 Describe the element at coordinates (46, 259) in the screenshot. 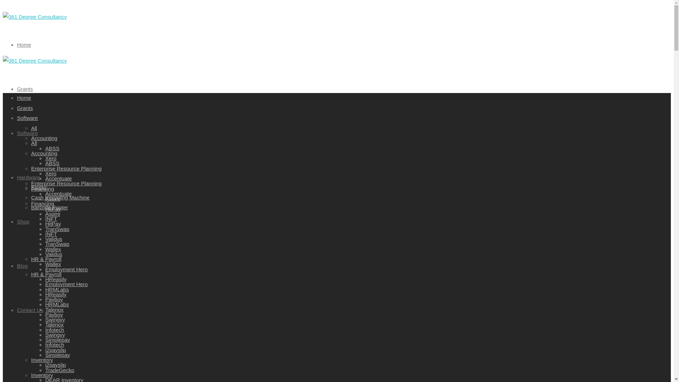

I see `'HR & Payroll'` at that location.